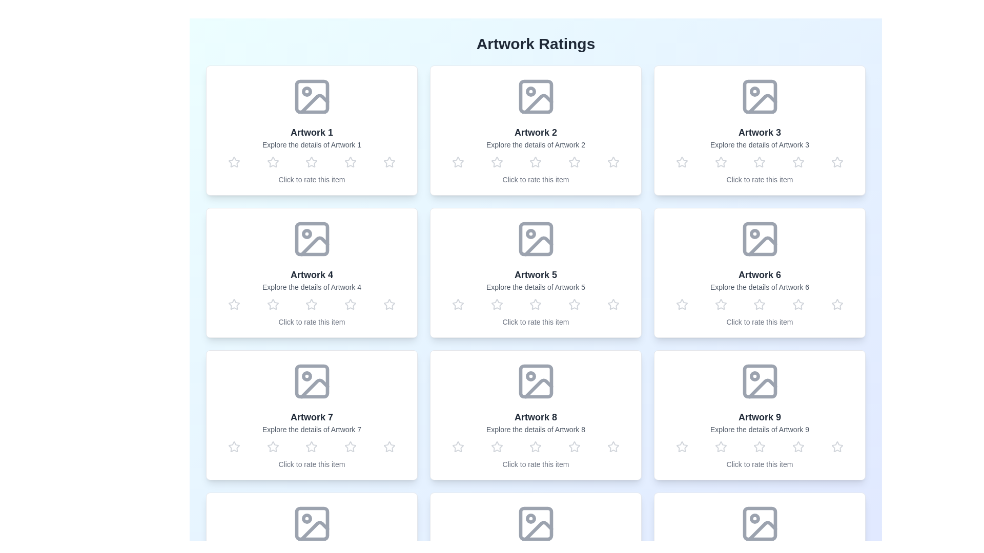 The width and height of the screenshot is (984, 553). Describe the element at coordinates (273, 161) in the screenshot. I see `the star corresponding to 2 to observe interaction feedback` at that location.